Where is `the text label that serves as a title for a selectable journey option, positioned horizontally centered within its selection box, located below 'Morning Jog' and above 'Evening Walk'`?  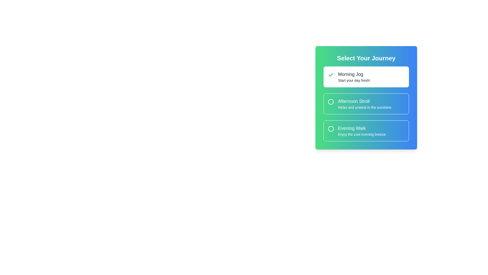 the text label that serves as a title for a selectable journey option, positioned horizontally centered within its selection box, located below 'Morning Jog' and above 'Evening Walk' is located at coordinates (365, 101).